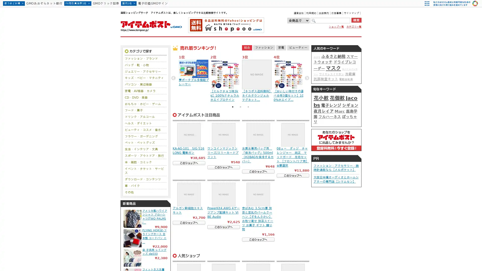 This screenshot has width=482, height=271. I want to click on Next, so click(307, 78).